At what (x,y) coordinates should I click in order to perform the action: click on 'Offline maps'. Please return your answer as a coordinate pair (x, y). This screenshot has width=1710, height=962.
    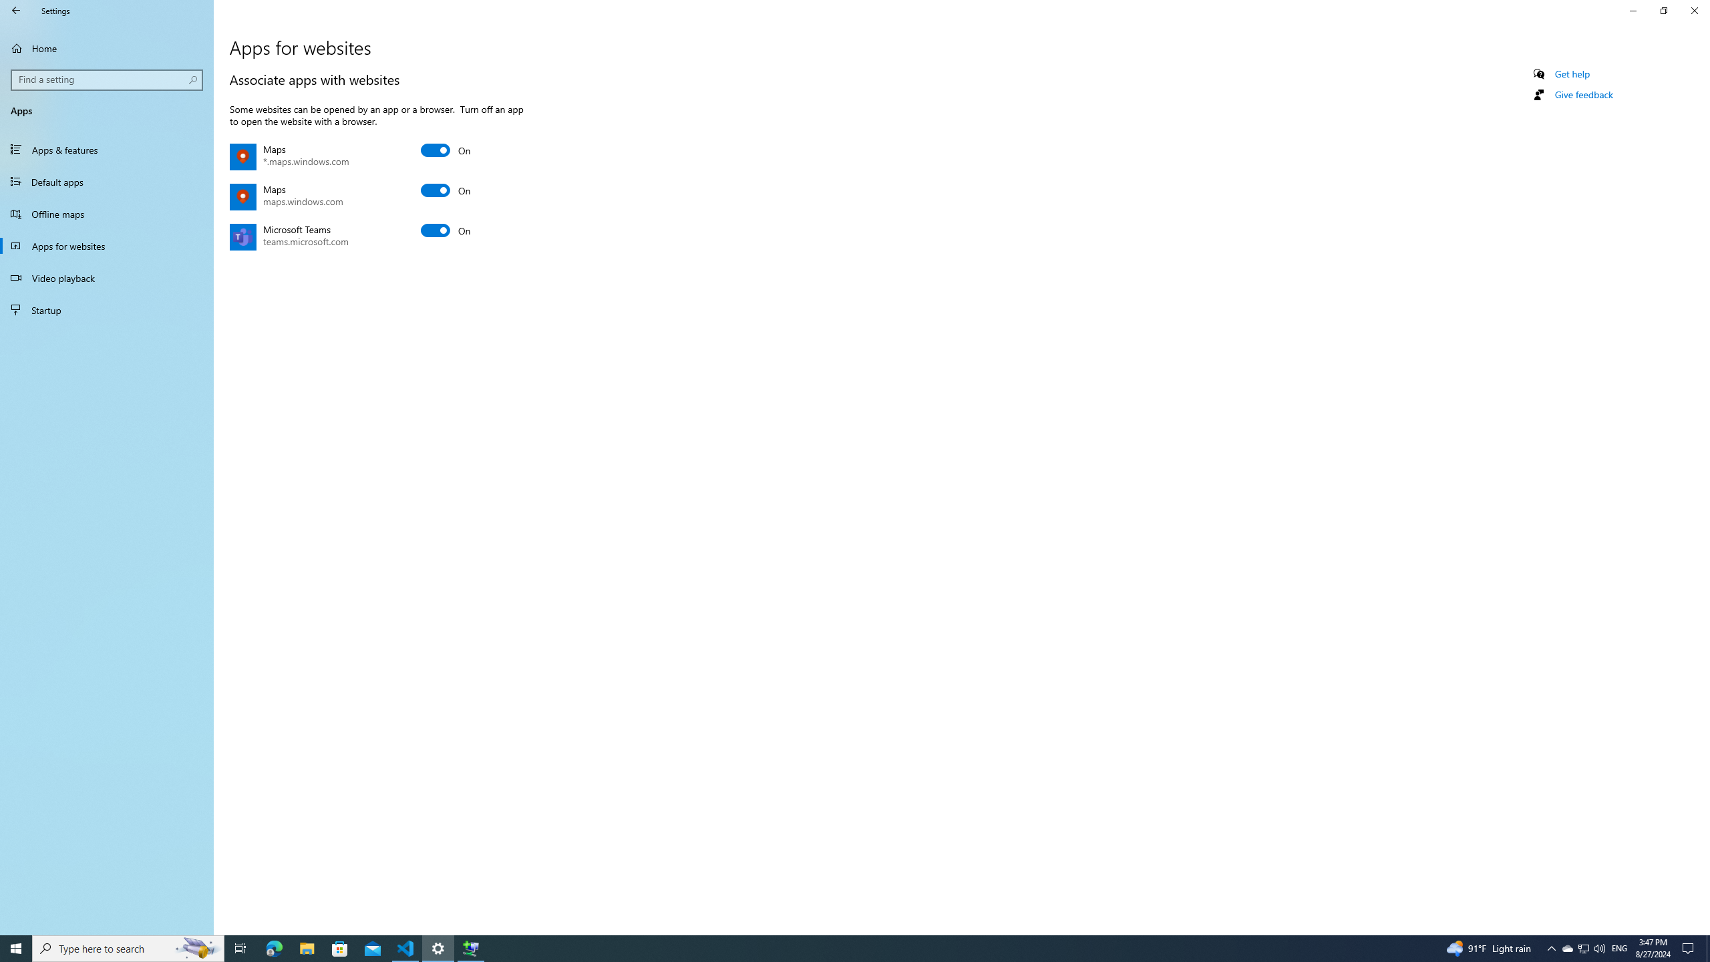
    Looking at the image, I should click on (106, 213).